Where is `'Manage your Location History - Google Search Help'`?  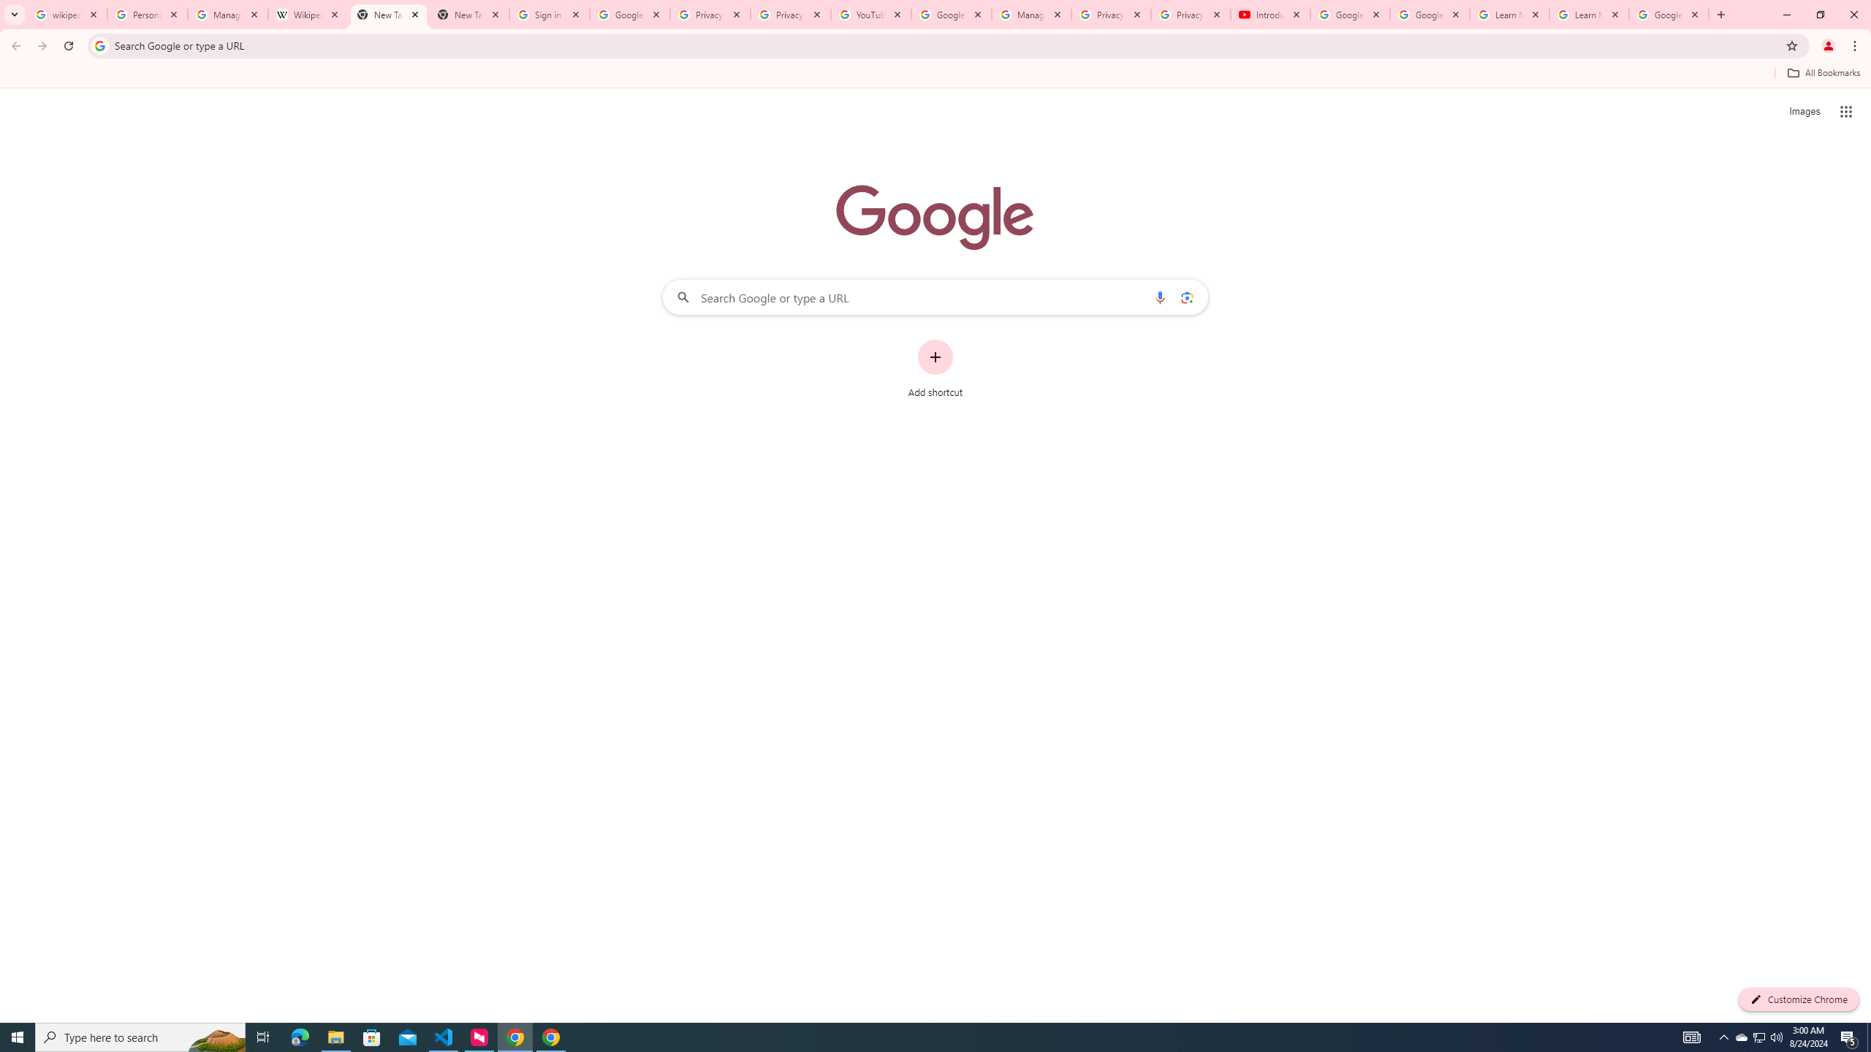
'Manage your Location History - Google Search Help' is located at coordinates (227, 14).